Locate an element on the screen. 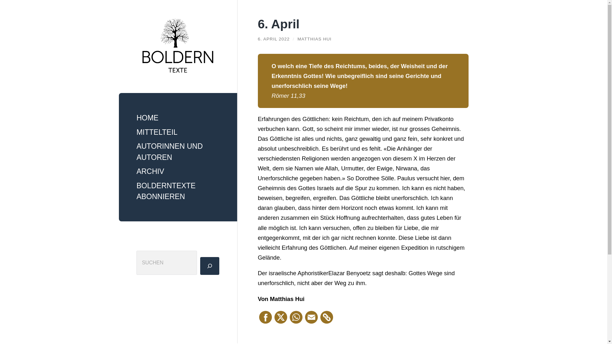  '6. APRIL 2022' is located at coordinates (274, 39).